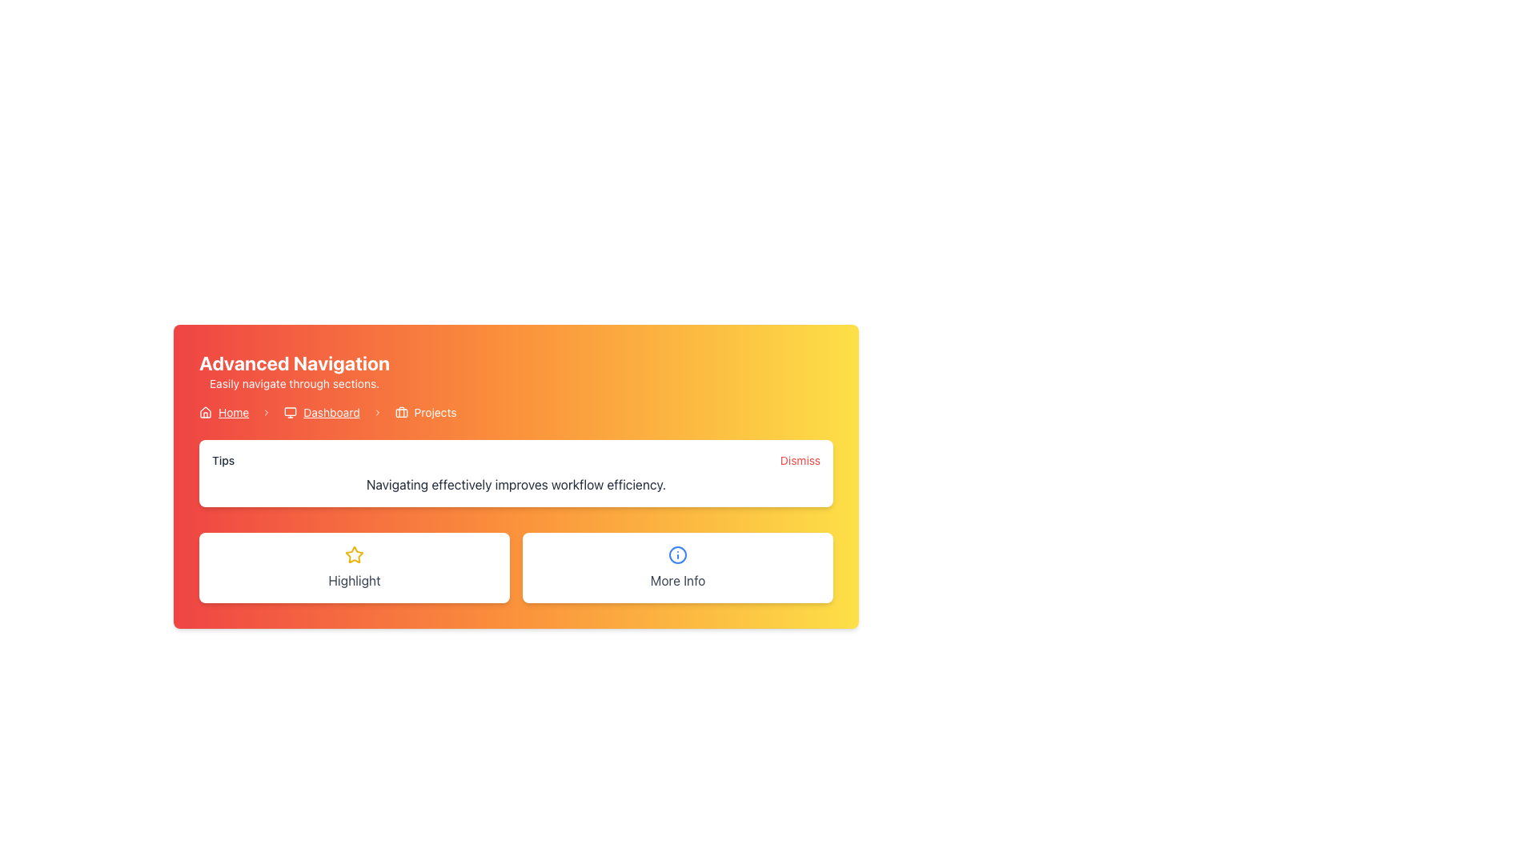  Describe the element at coordinates (321, 412) in the screenshot. I see `the 'Dashboard' link in the breadcrumb navigation` at that location.